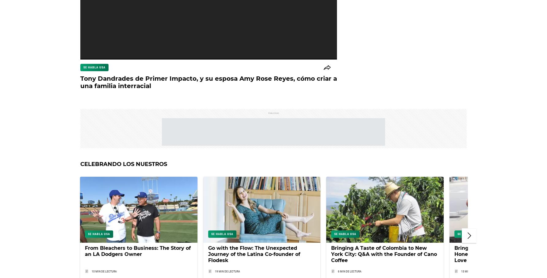  Describe the element at coordinates (253, 254) in the screenshot. I see `'Go with the Flow: The Unexpected Journey of the Latina Co-founder of Flodesk'` at that location.